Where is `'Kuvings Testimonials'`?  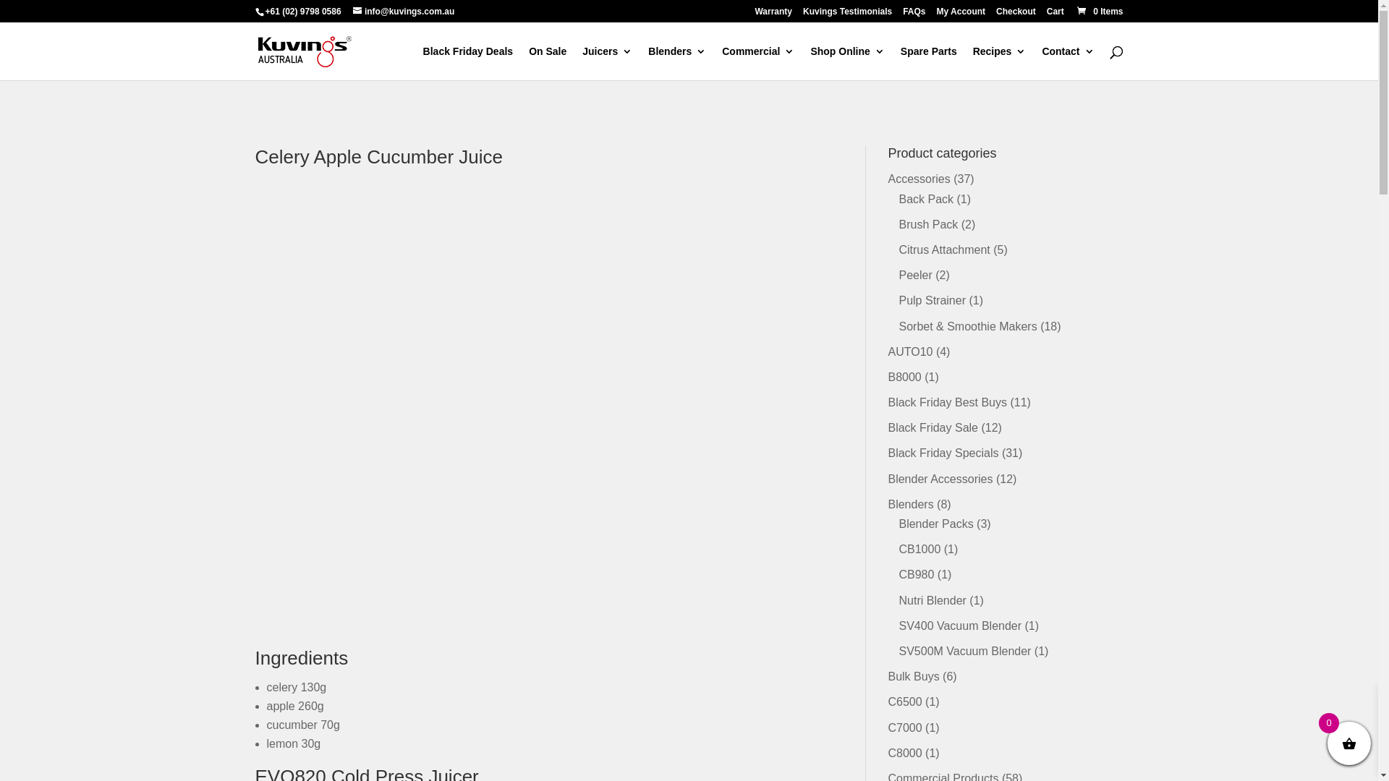
'Kuvings Testimonials' is located at coordinates (847, 14).